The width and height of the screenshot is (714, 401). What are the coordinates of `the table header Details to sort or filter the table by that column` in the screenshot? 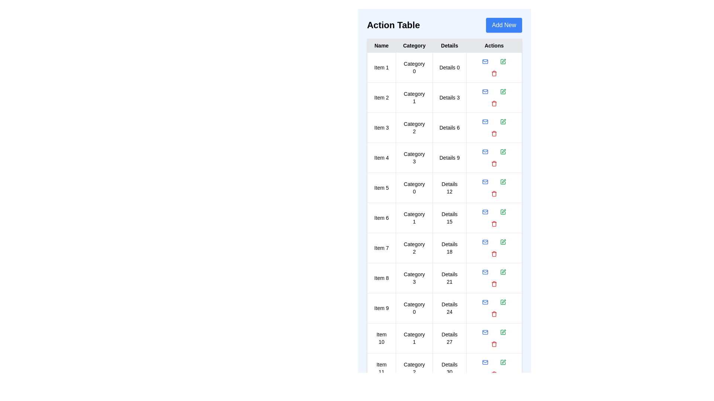 It's located at (449, 46).